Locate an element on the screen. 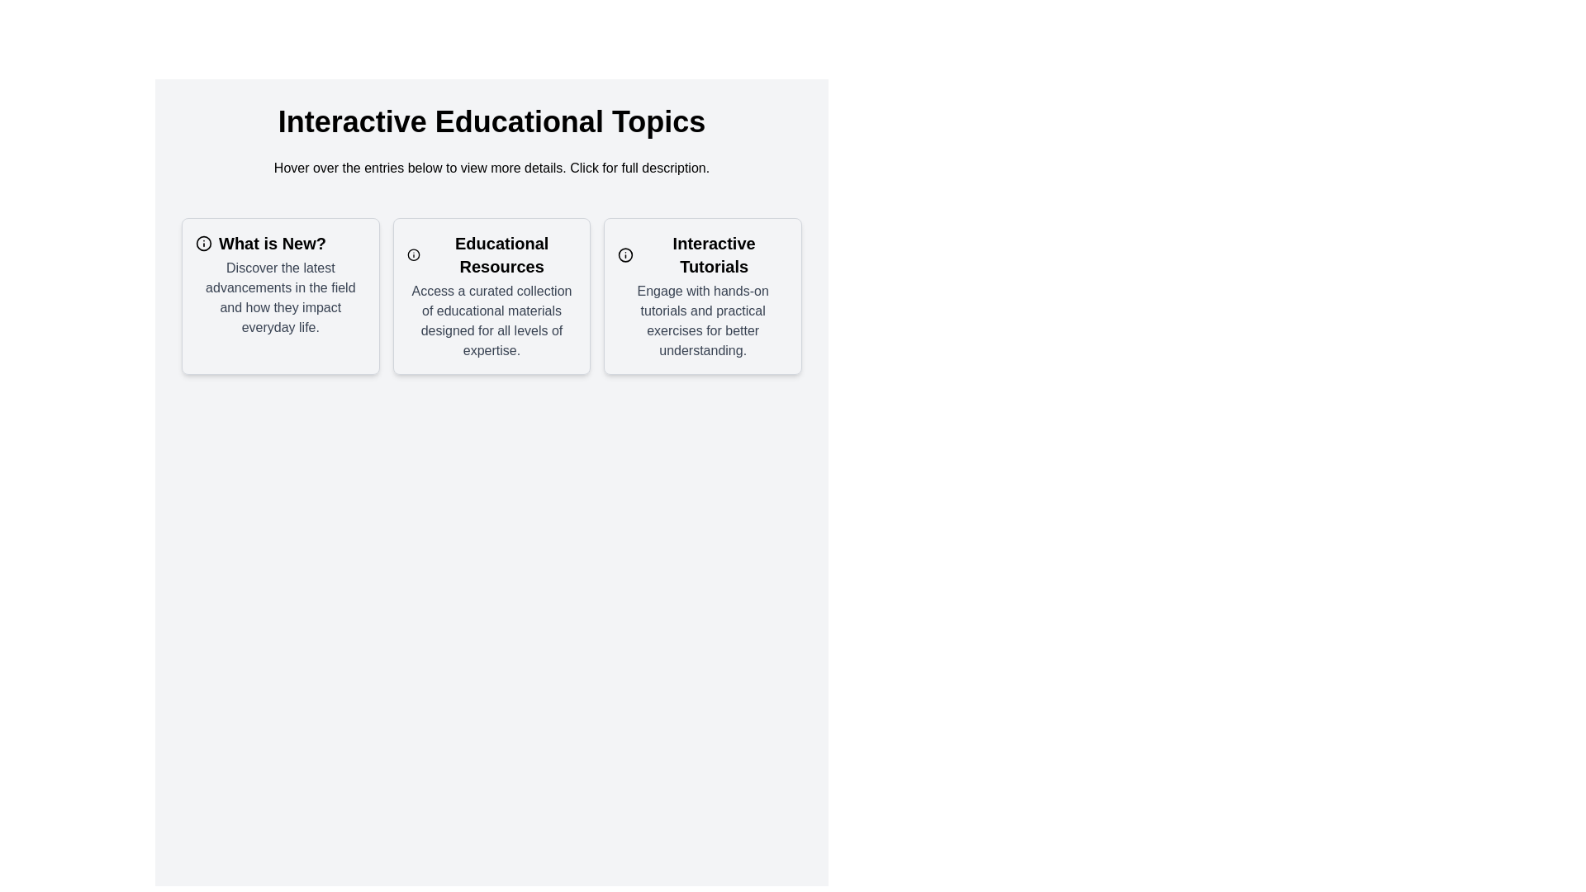  bold, large header text 'Interactive Tutorials' located at the top of the card UI element, which is the third item from the left in a horizontal list is located at coordinates (703, 254).